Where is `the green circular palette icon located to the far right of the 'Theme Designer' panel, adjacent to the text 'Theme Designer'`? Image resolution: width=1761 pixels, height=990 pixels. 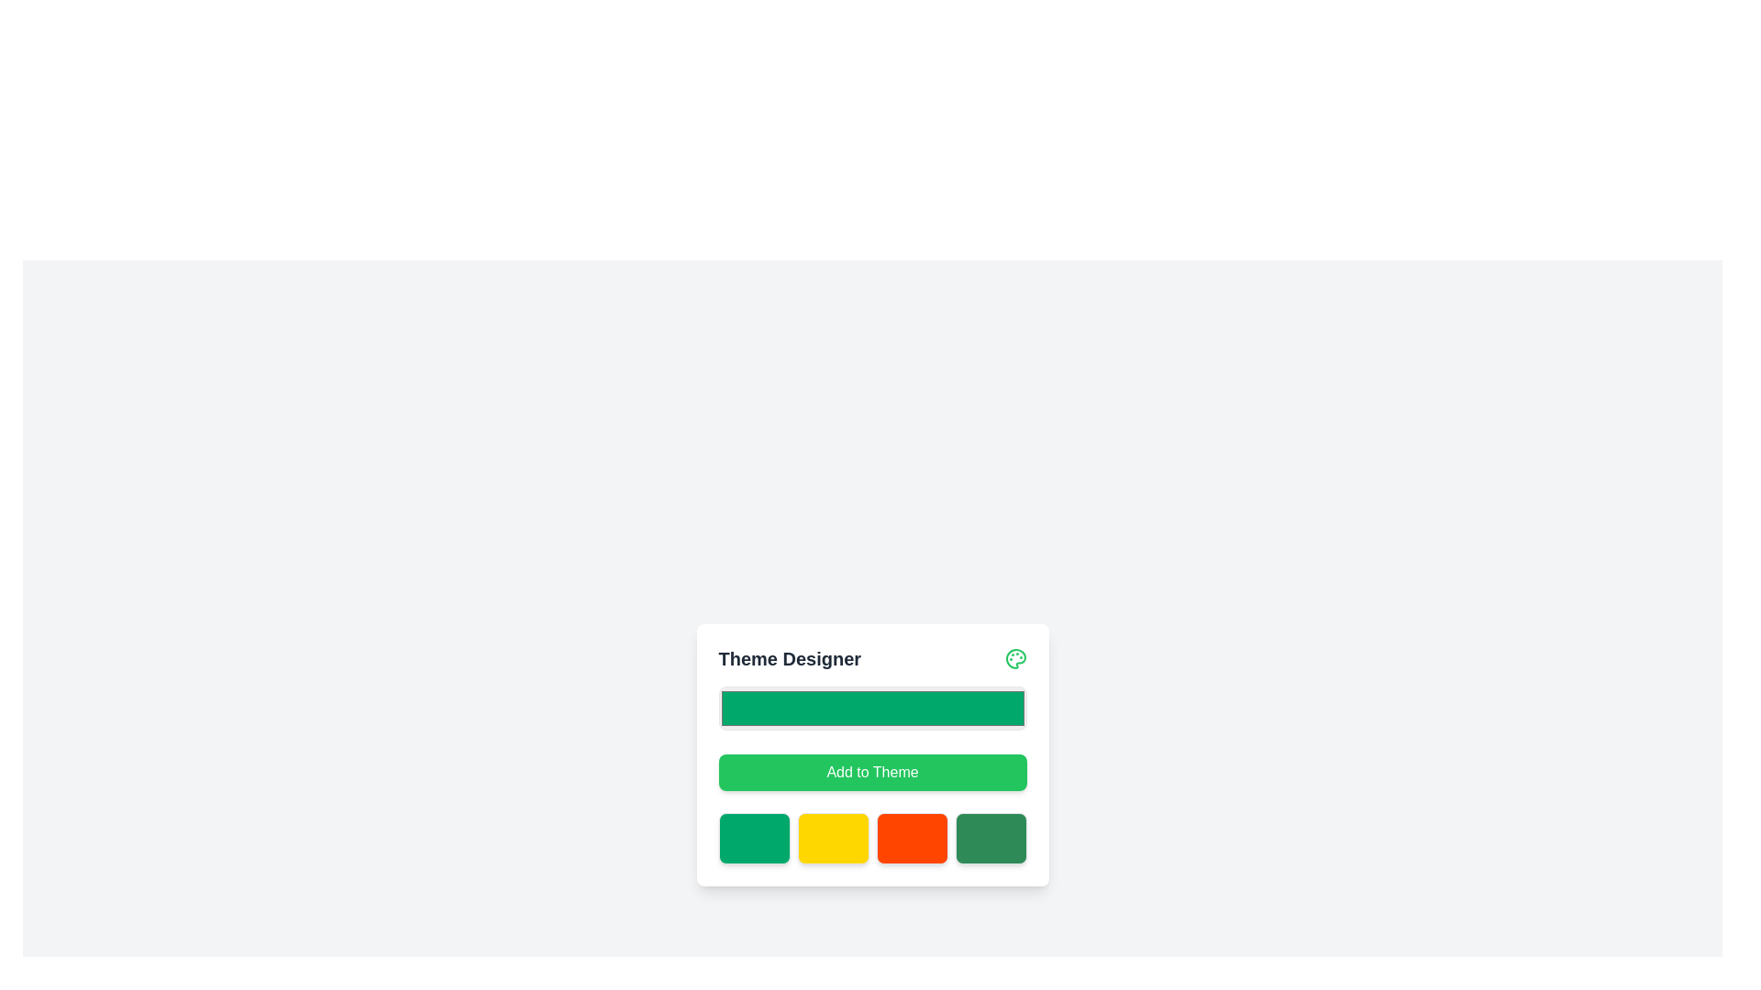 the green circular palette icon located to the far right of the 'Theme Designer' panel, adjacent to the text 'Theme Designer' is located at coordinates (1014, 657).